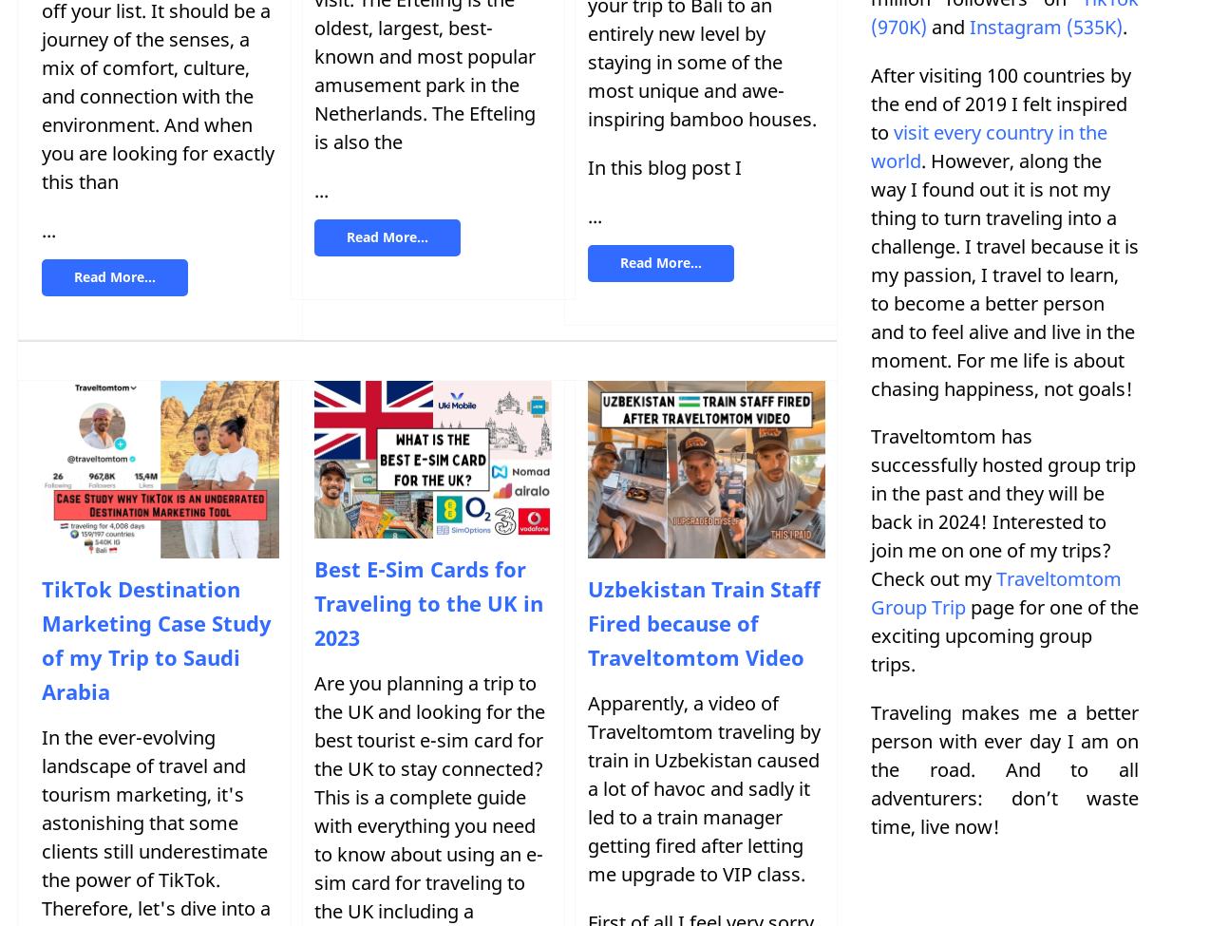 The height and width of the screenshot is (926, 1210). Describe the element at coordinates (1004, 769) in the screenshot. I see `'Traveling makes me a better person with ever day I am on the road. And to all adventurers: don’t waste time, live now!'` at that location.